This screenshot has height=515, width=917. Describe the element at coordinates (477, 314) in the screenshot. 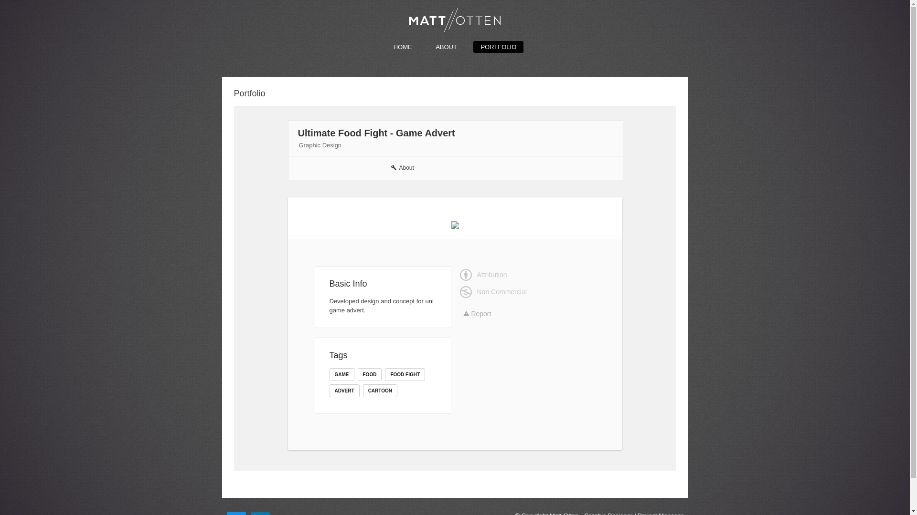

I see `'Report'` at that location.